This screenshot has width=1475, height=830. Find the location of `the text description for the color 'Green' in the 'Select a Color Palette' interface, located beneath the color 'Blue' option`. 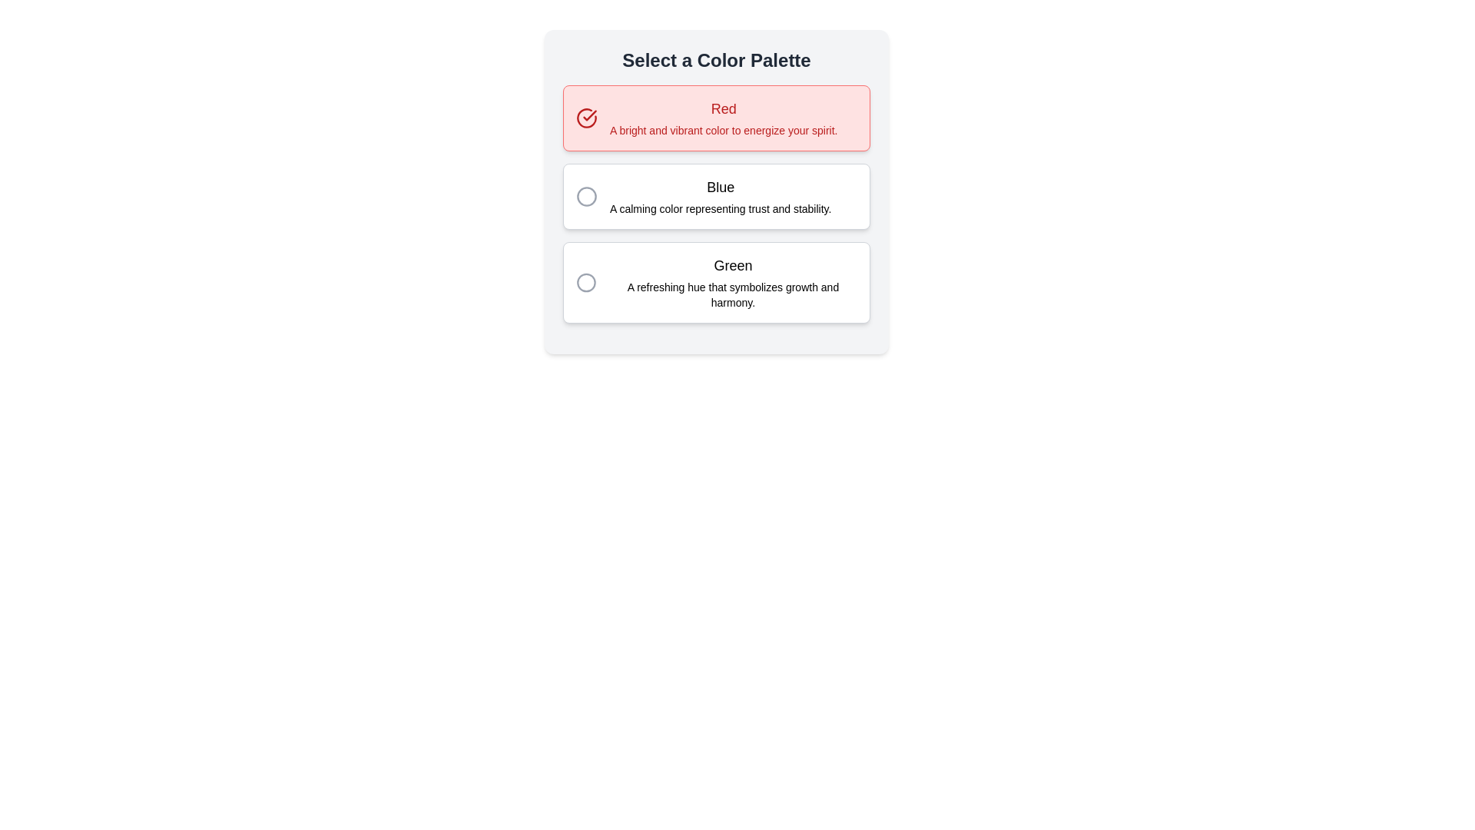

the text description for the color 'Green' in the 'Select a Color Palette' interface, located beneath the color 'Blue' option is located at coordinates (732, 282).